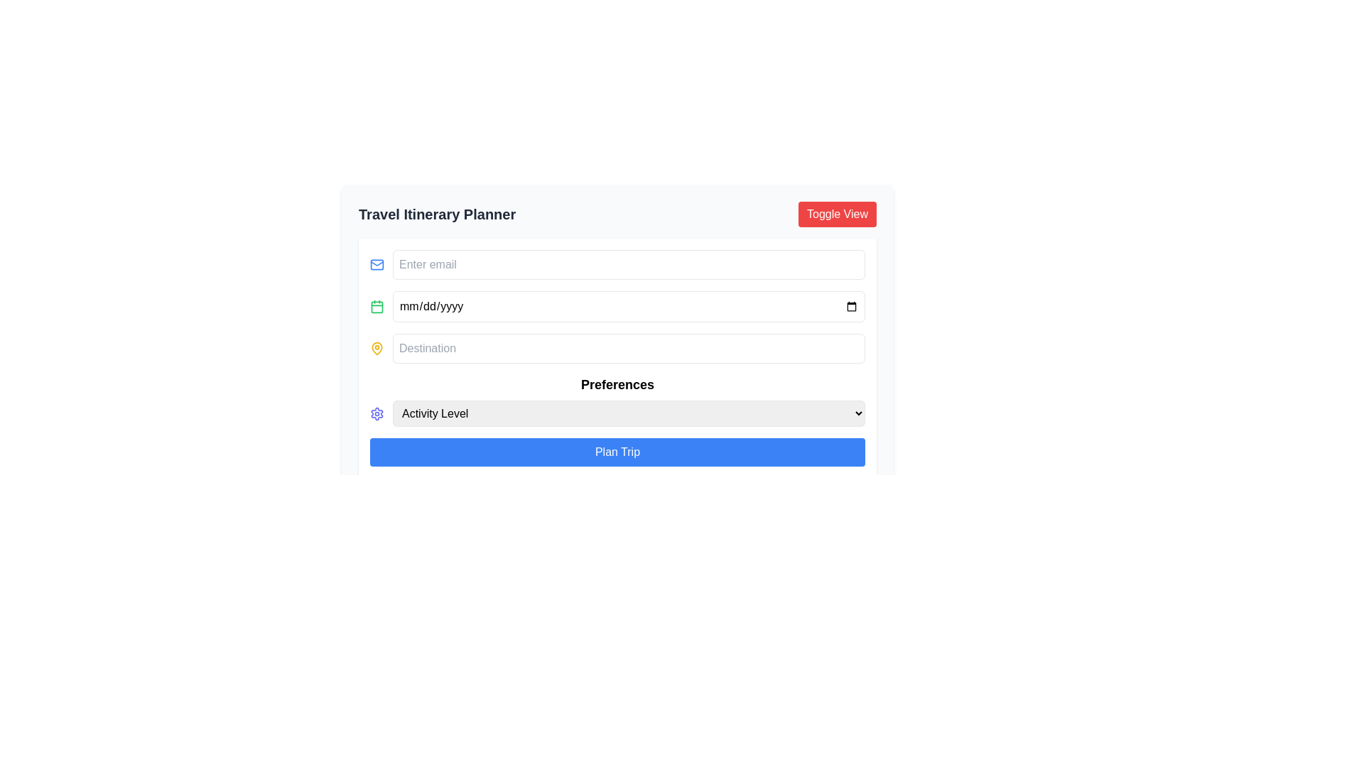 This screenshot has height=767, width=1364. What do you see at coordinates (628, 413) in the screenshot?
I see `the 'Activity Level' dropdown menu, which is styled with a border and rounded corners, located in the middle-right part of the main form interface under the 'Preferences' section` at bounding box center [628, 413].